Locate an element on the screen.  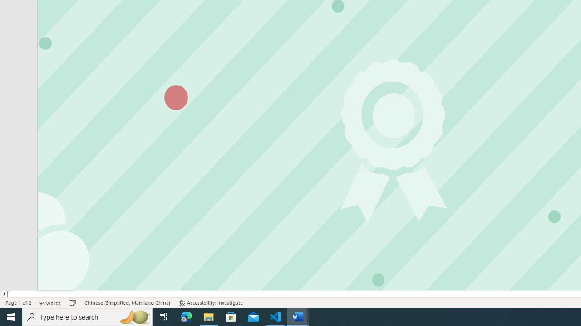
'Spelling and Grammar Check Checking' is located at coordinates (73, 303).